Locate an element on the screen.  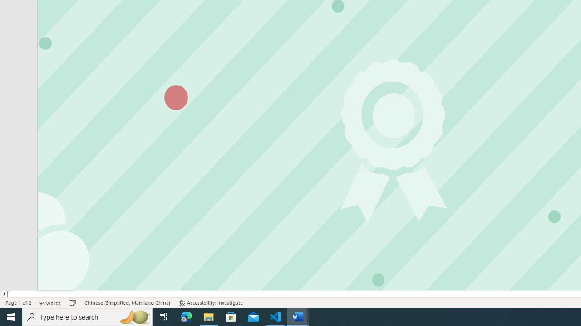
'Spelling and Grammar Check Checking' is located at coordinates (73, 303).